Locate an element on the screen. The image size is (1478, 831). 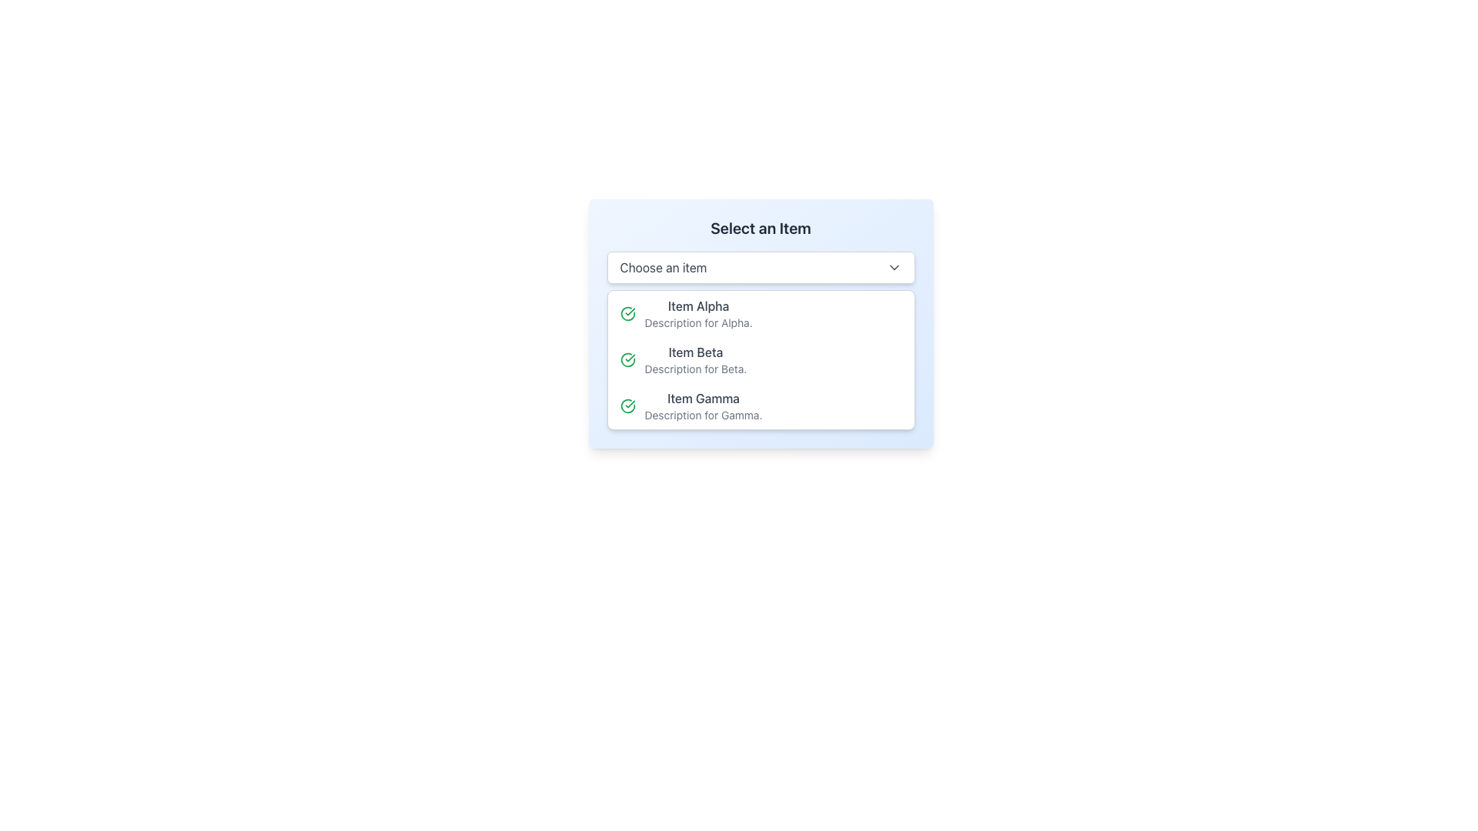
text label that displays 'Description for Beta.' located below the bold label 'Item Beta' in the dropdown menu is located at coordinates (694, 369).